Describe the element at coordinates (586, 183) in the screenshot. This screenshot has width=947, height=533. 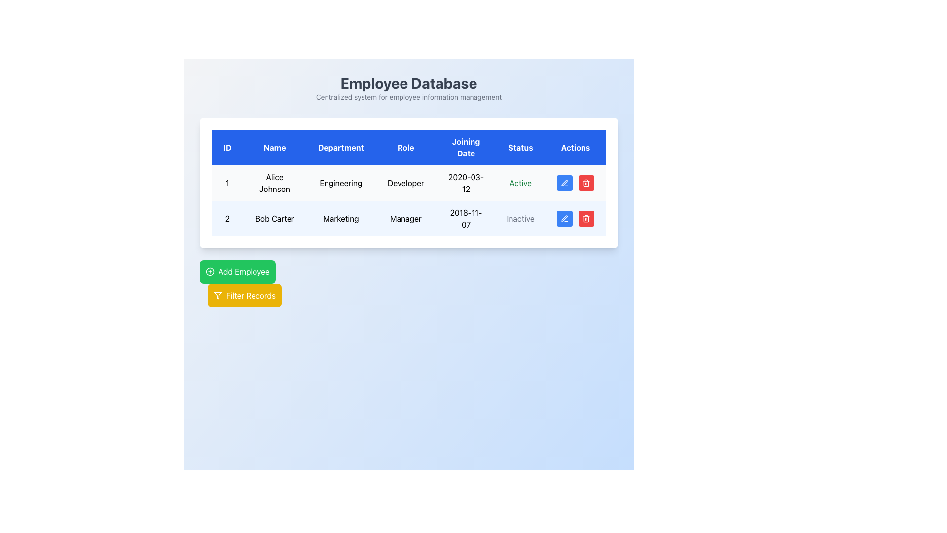
I see `the delete button located in the bottom-right corner of the table, which is the second button in the 'Actions' column adjacent to the blue edit button for employee 'Bob Carter'` at that location.